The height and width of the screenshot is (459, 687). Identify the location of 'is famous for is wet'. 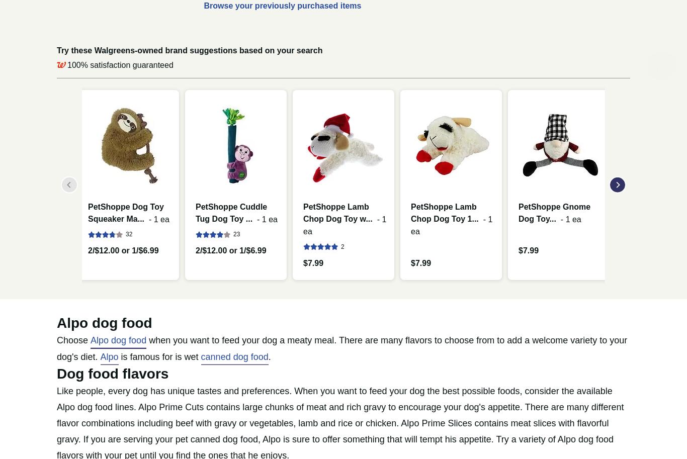
(159, 356).